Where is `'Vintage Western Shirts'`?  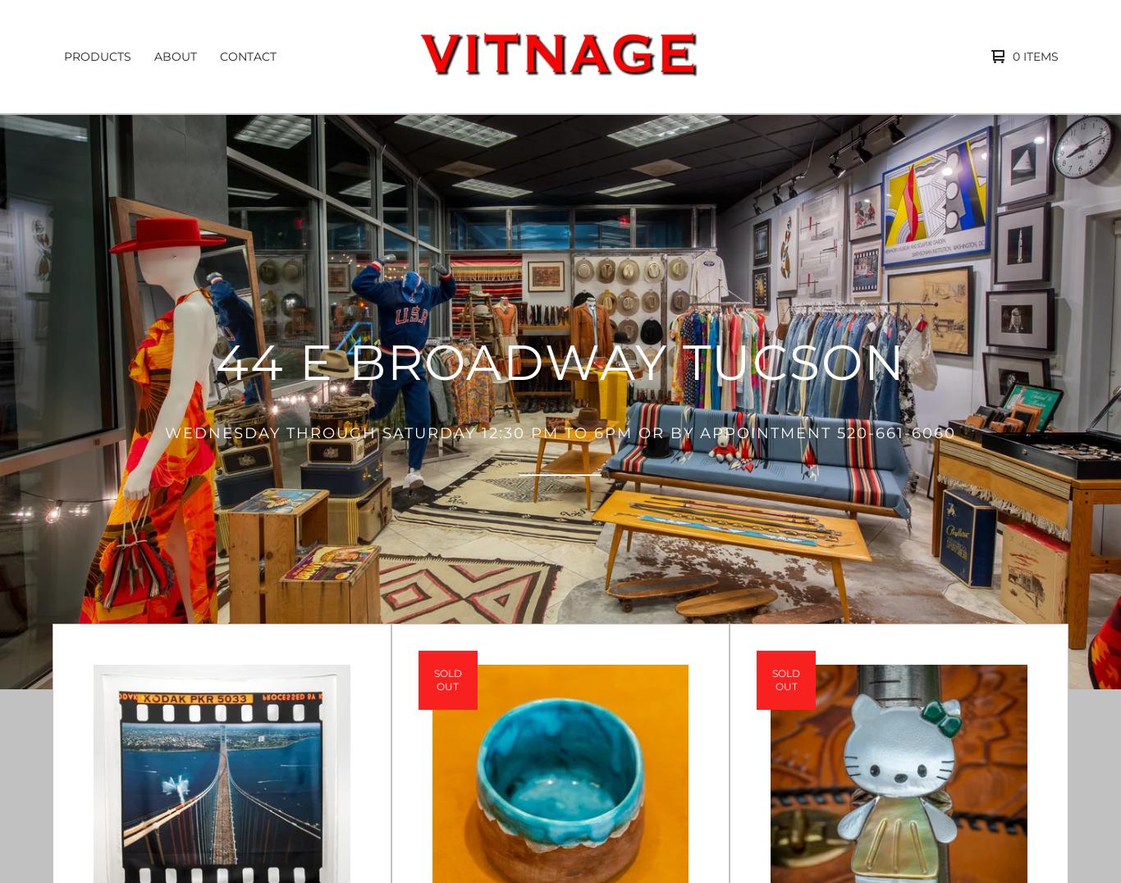
'Vintage Western Shirts' is located at coordinates (66, 223).